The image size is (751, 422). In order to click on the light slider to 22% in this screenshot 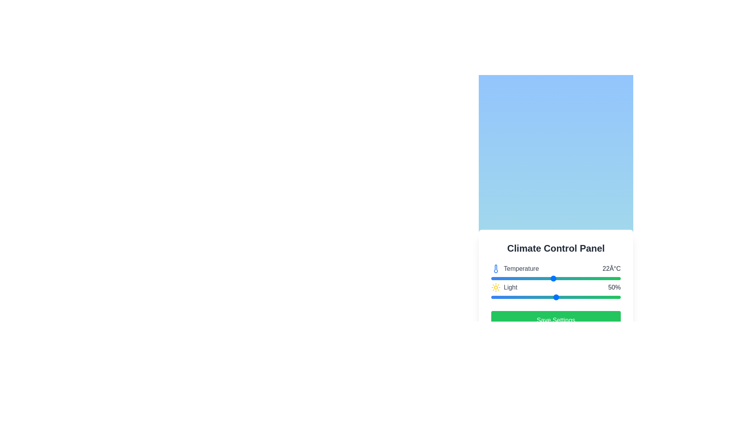, I will do `click(519, 297)`.